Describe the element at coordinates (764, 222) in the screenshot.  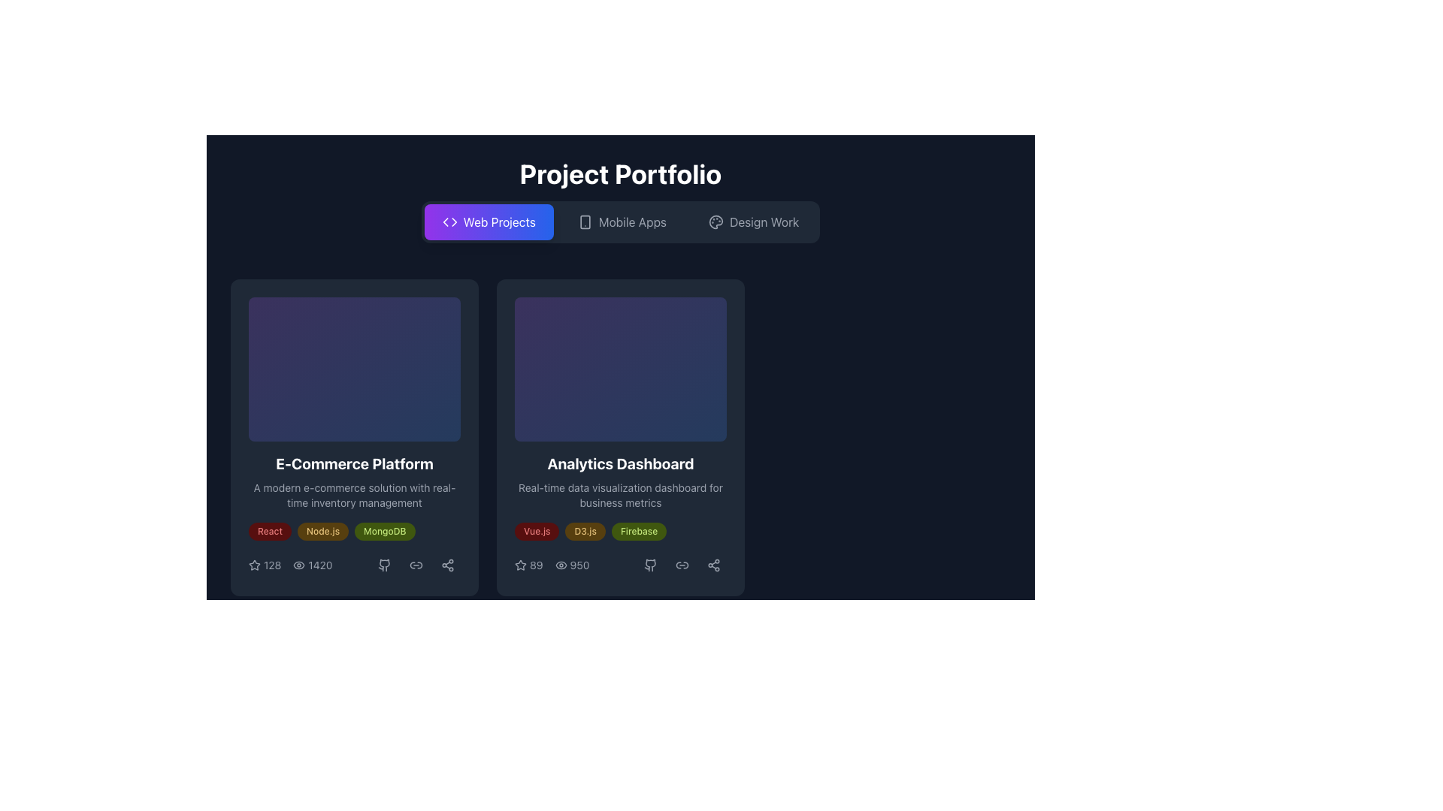
I see `the 'Design Work' label in the upper section of the interface` at that location.